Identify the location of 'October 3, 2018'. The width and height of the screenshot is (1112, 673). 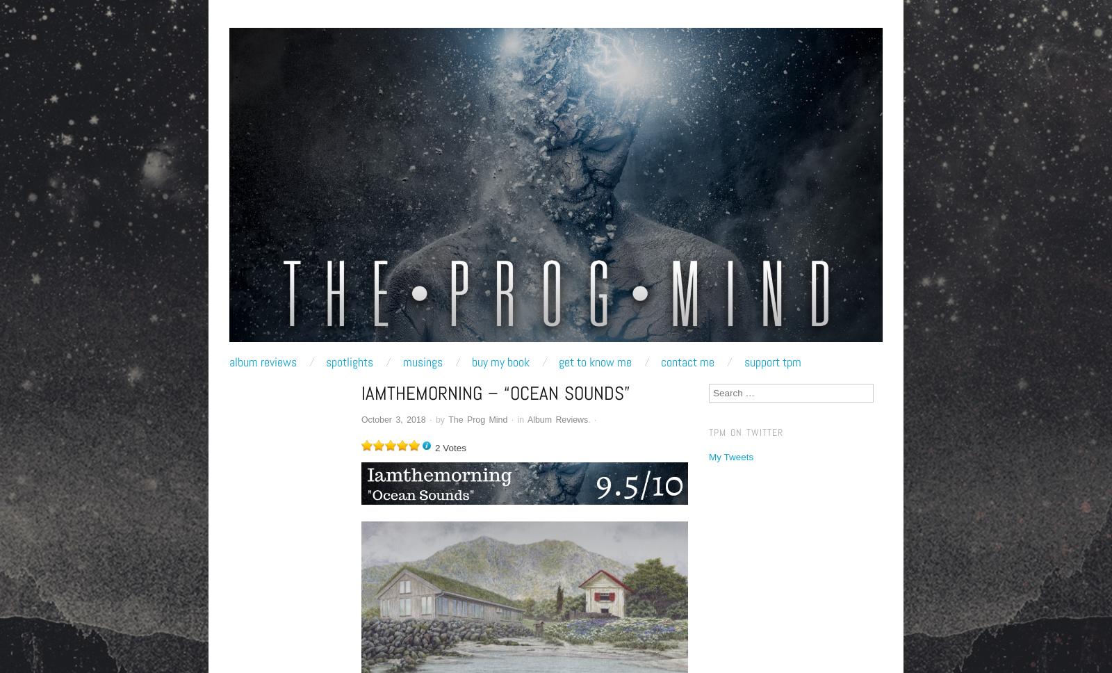
(393, 419).